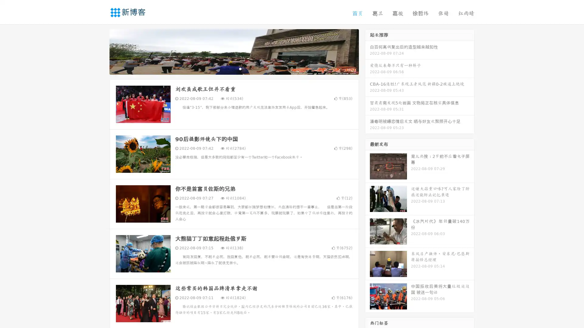  I want to click on Next slide, so click(367, 51).